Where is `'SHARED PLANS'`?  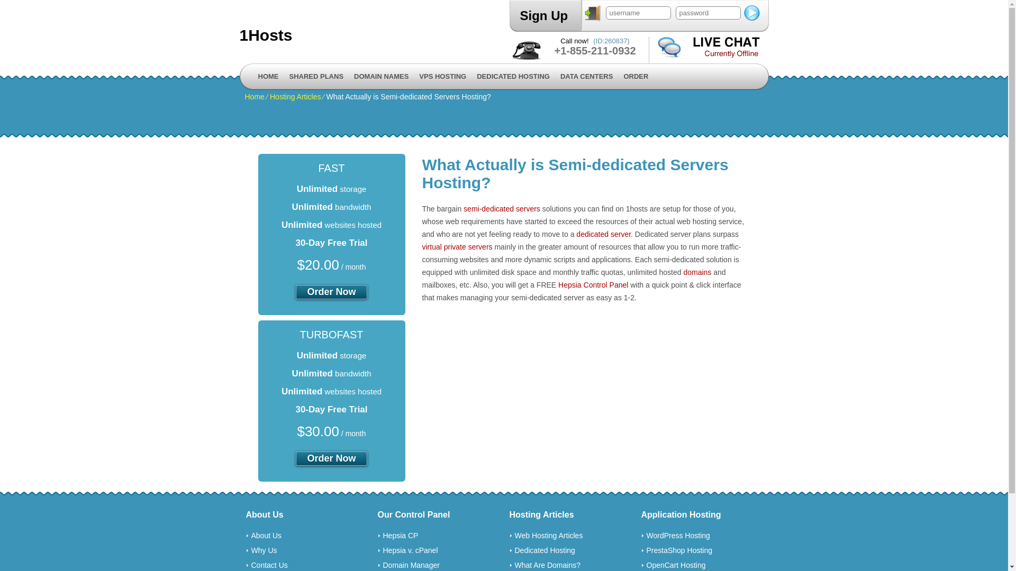 'SHARED PLANS' is located at coordinates (315, 76).